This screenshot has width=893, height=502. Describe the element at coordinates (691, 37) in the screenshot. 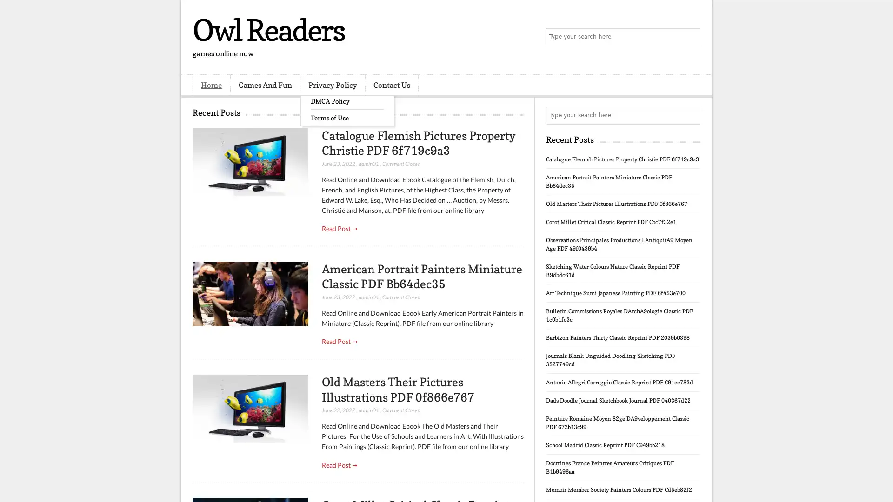

I see `Search` at that location.